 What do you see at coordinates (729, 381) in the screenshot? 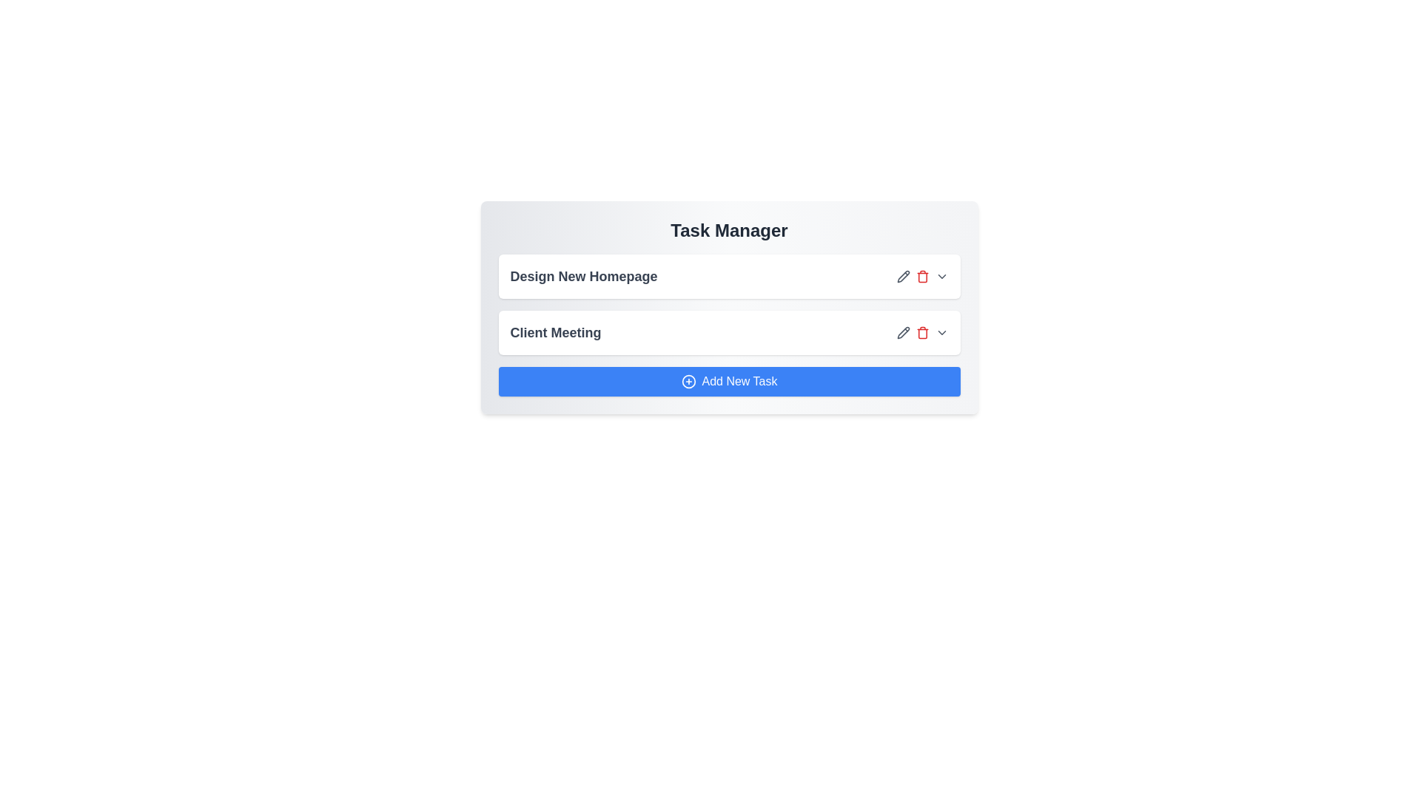
I see `the 'Add New Task' button to initiate the task addition process` at bounding box center [729, 381].